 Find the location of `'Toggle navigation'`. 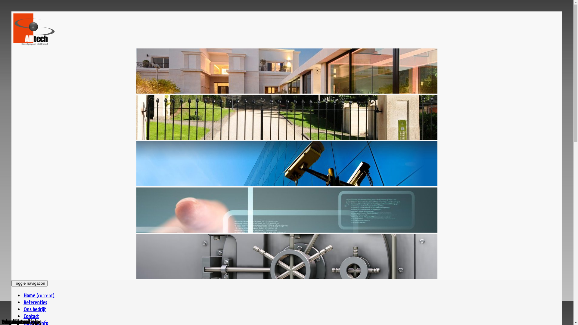

'Toggle navigation' is located at coordinates (29, 283).